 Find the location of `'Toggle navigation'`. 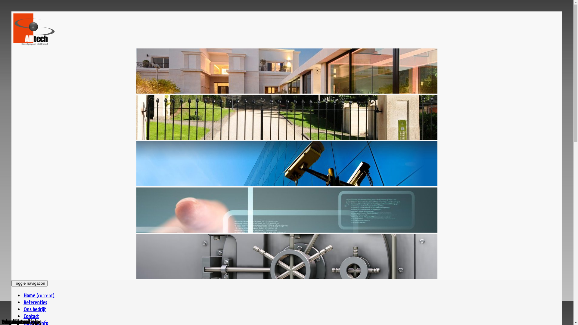

'Toggle navigation' is located at coordinates (29, 283).